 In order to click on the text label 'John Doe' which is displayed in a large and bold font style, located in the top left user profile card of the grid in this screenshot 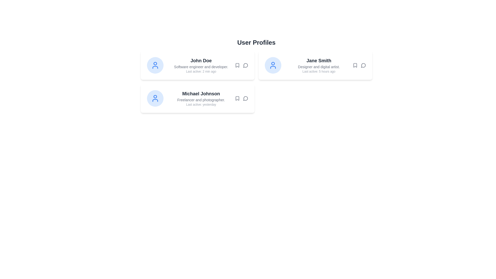, I will do `click(201, 60)`.